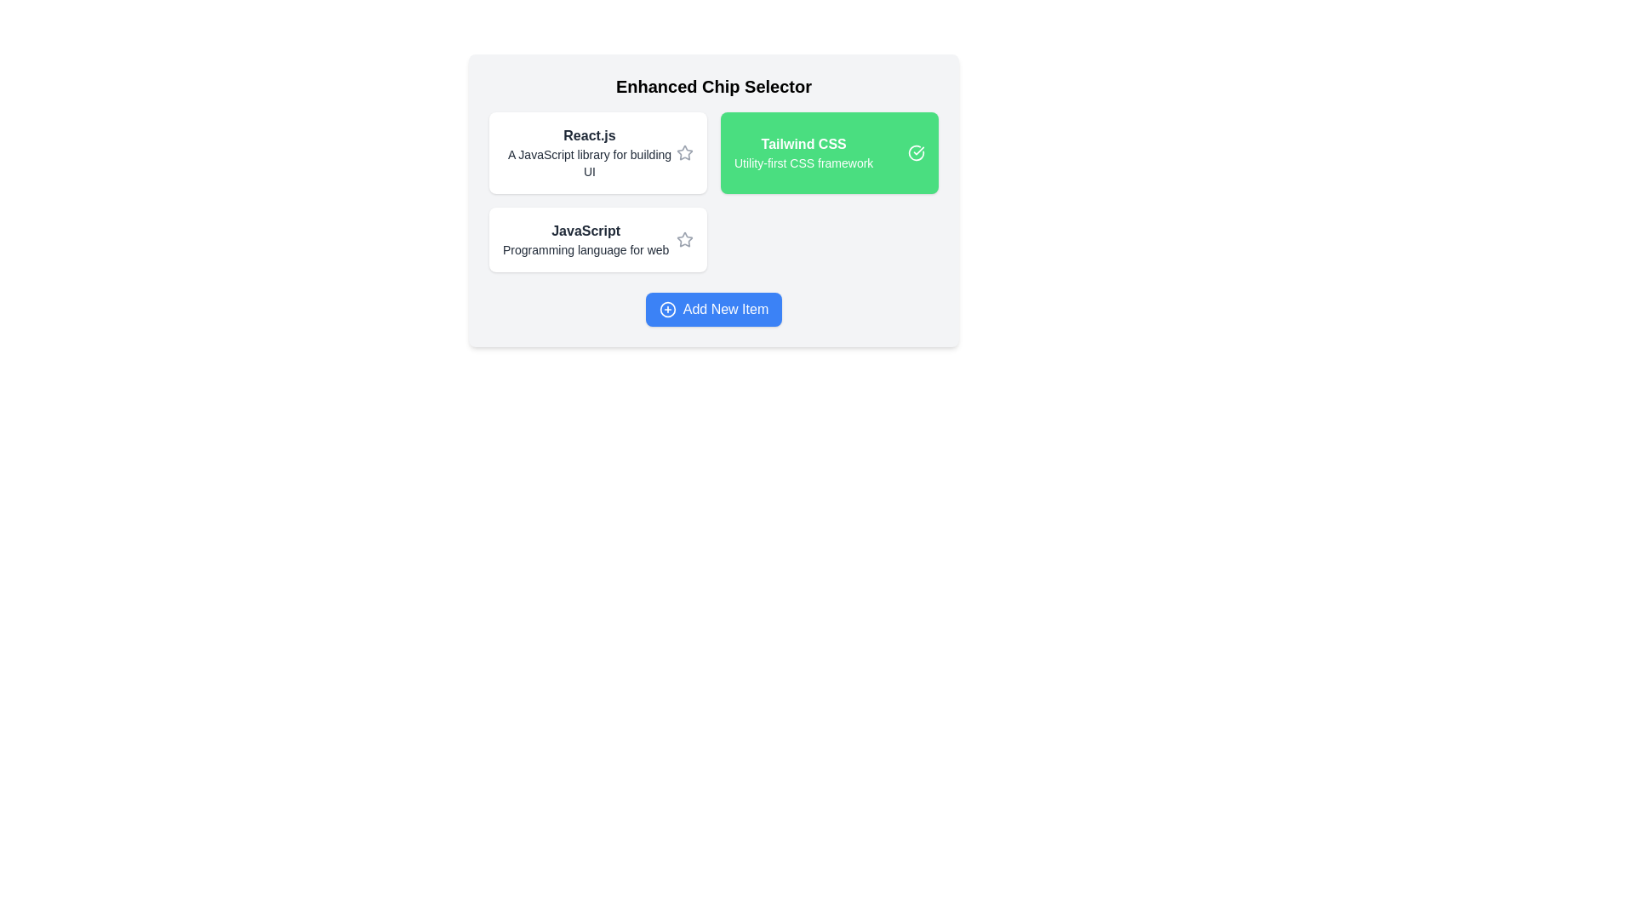 The width and height of the screenshot is (1634, 919). What do you see at coordinates (666, 309) in the screenshot?
I see `the SVG circle element that is part of the 'Add New Item' button, which is located above the button text and forms a '+' sign` at bounding box center [666, 309].